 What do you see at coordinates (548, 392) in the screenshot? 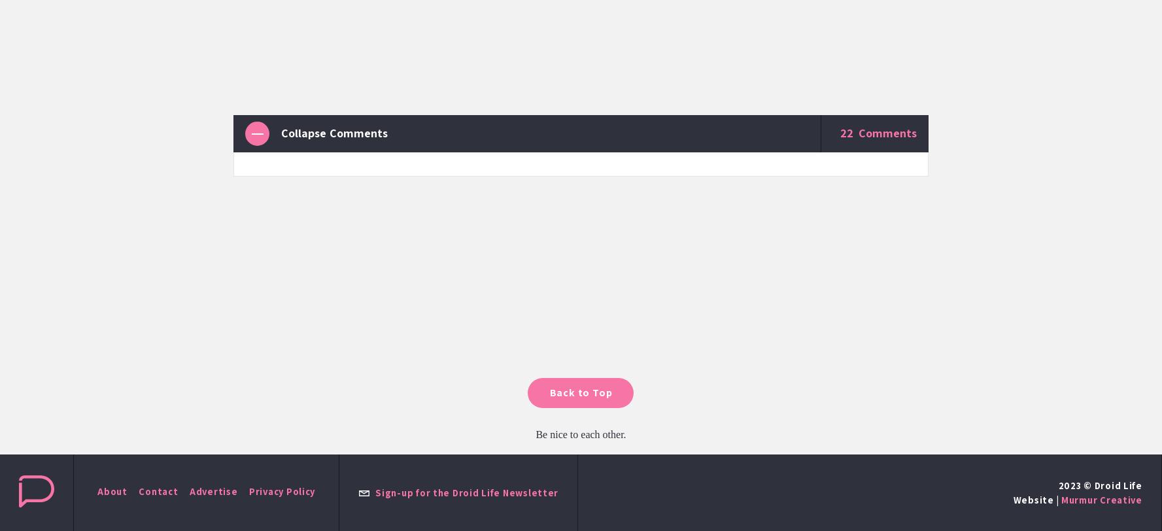
I see `'Back to Top'` at bounding box center [548, 392].